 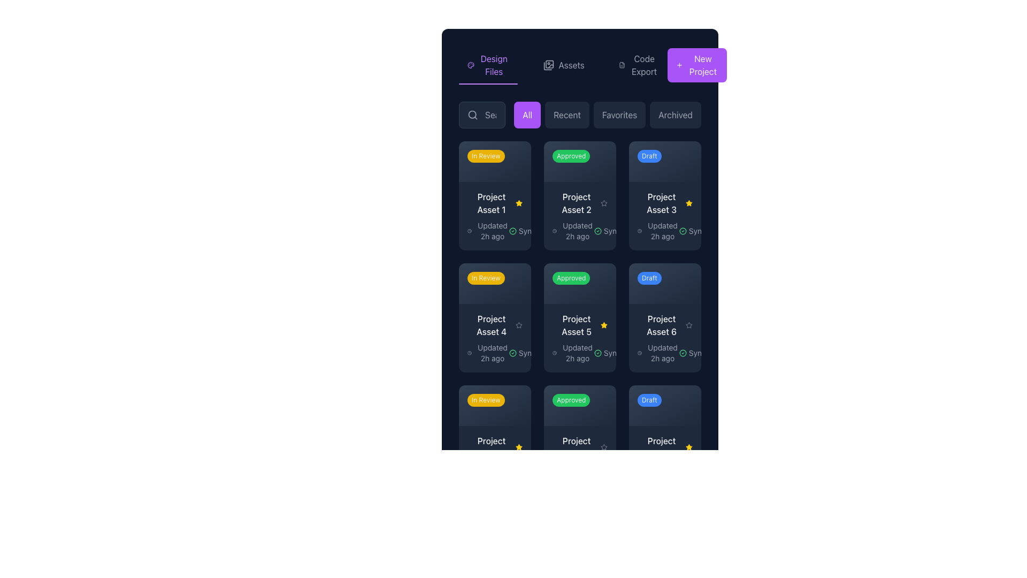 What do you see at coordinates (577, 158) in the screenshot?
I see `the green-colored label with the text 'Approved' that indicates a status within its associated card, located at the top-center of the second card in the grid layout` at bounding box center [577, 158].